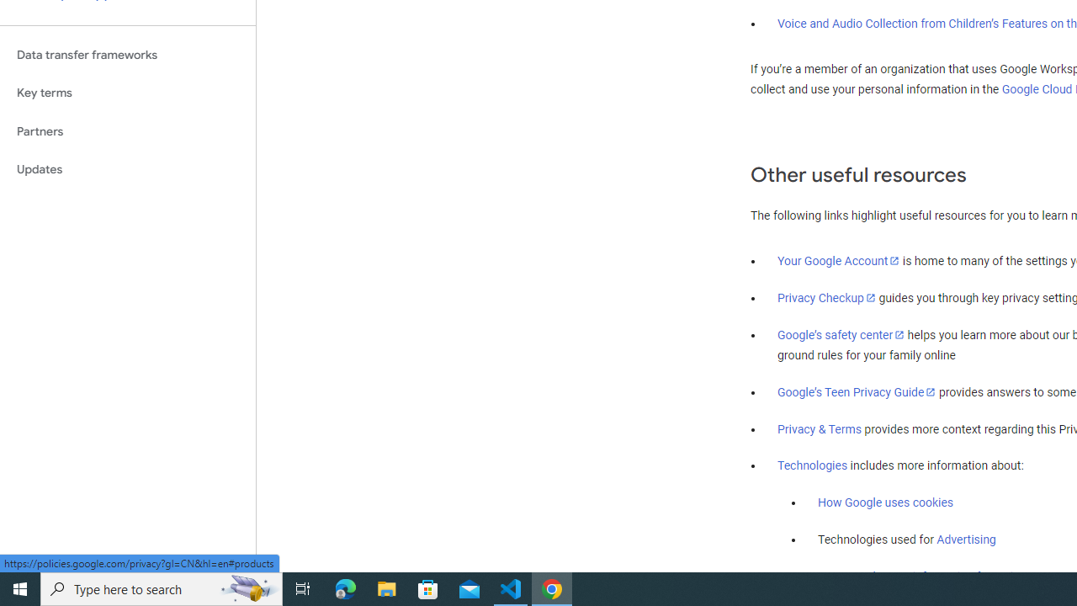 The image size is (1077, 606). Describe the element at coordinates (826, 296) in the screenshot. I see `'Privacy Checkup'` at that location.